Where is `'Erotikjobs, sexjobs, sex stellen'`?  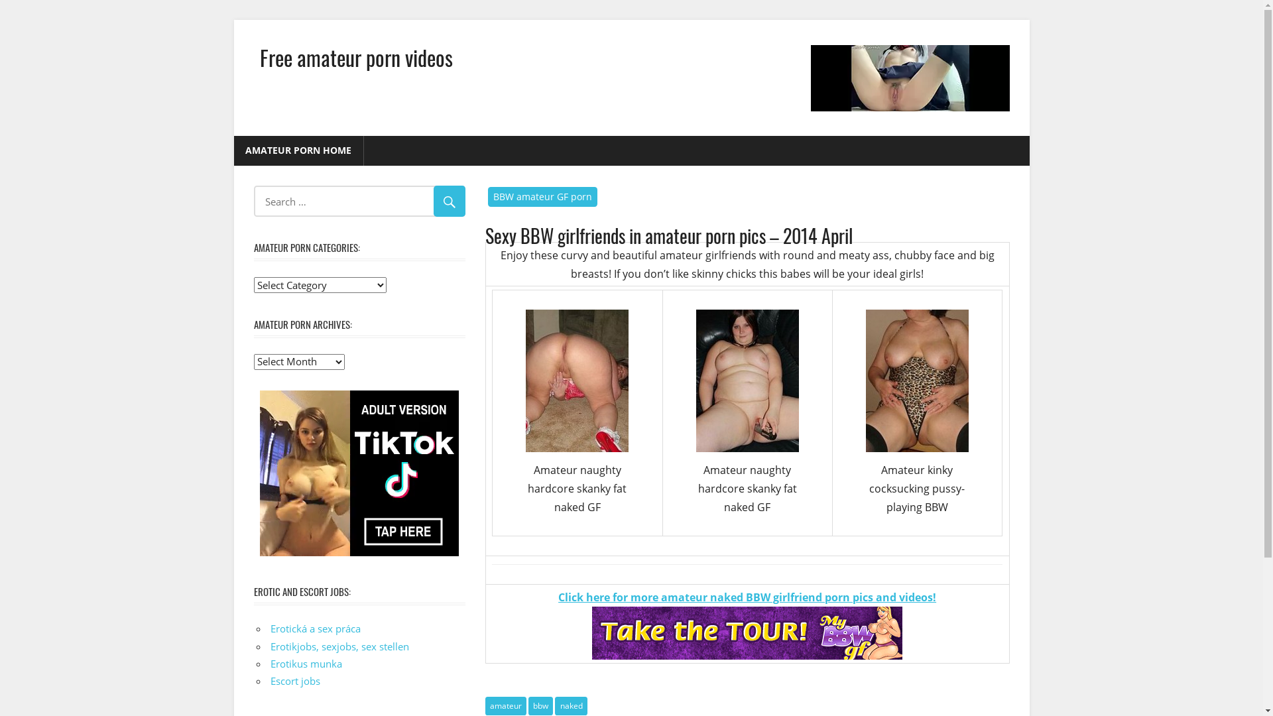 'Erotikjobs, sexjobs, sex stellen' is located at coordinates (339, 645).